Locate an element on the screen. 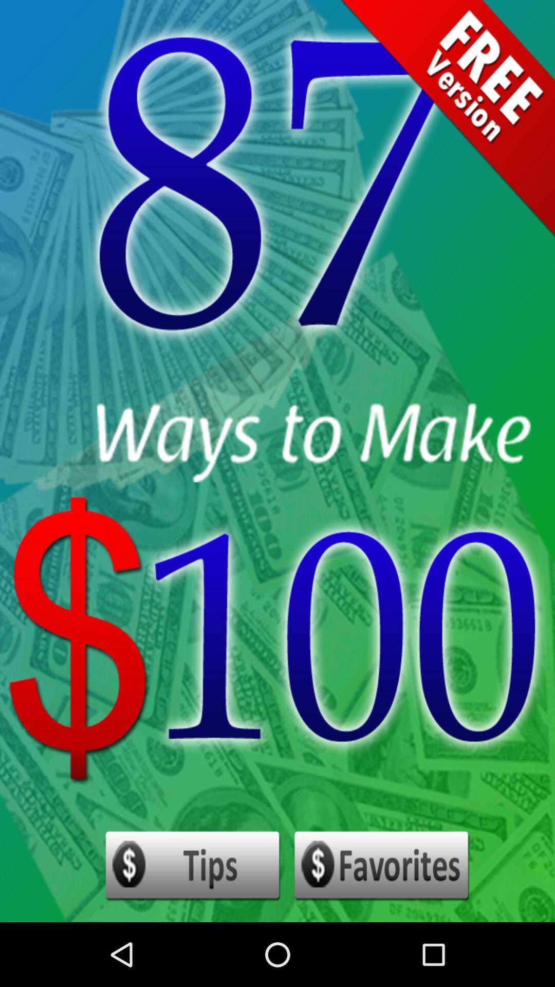 The width and height of the screenshot is (555, 987). set as favorites is located at coordinates (382, 866).